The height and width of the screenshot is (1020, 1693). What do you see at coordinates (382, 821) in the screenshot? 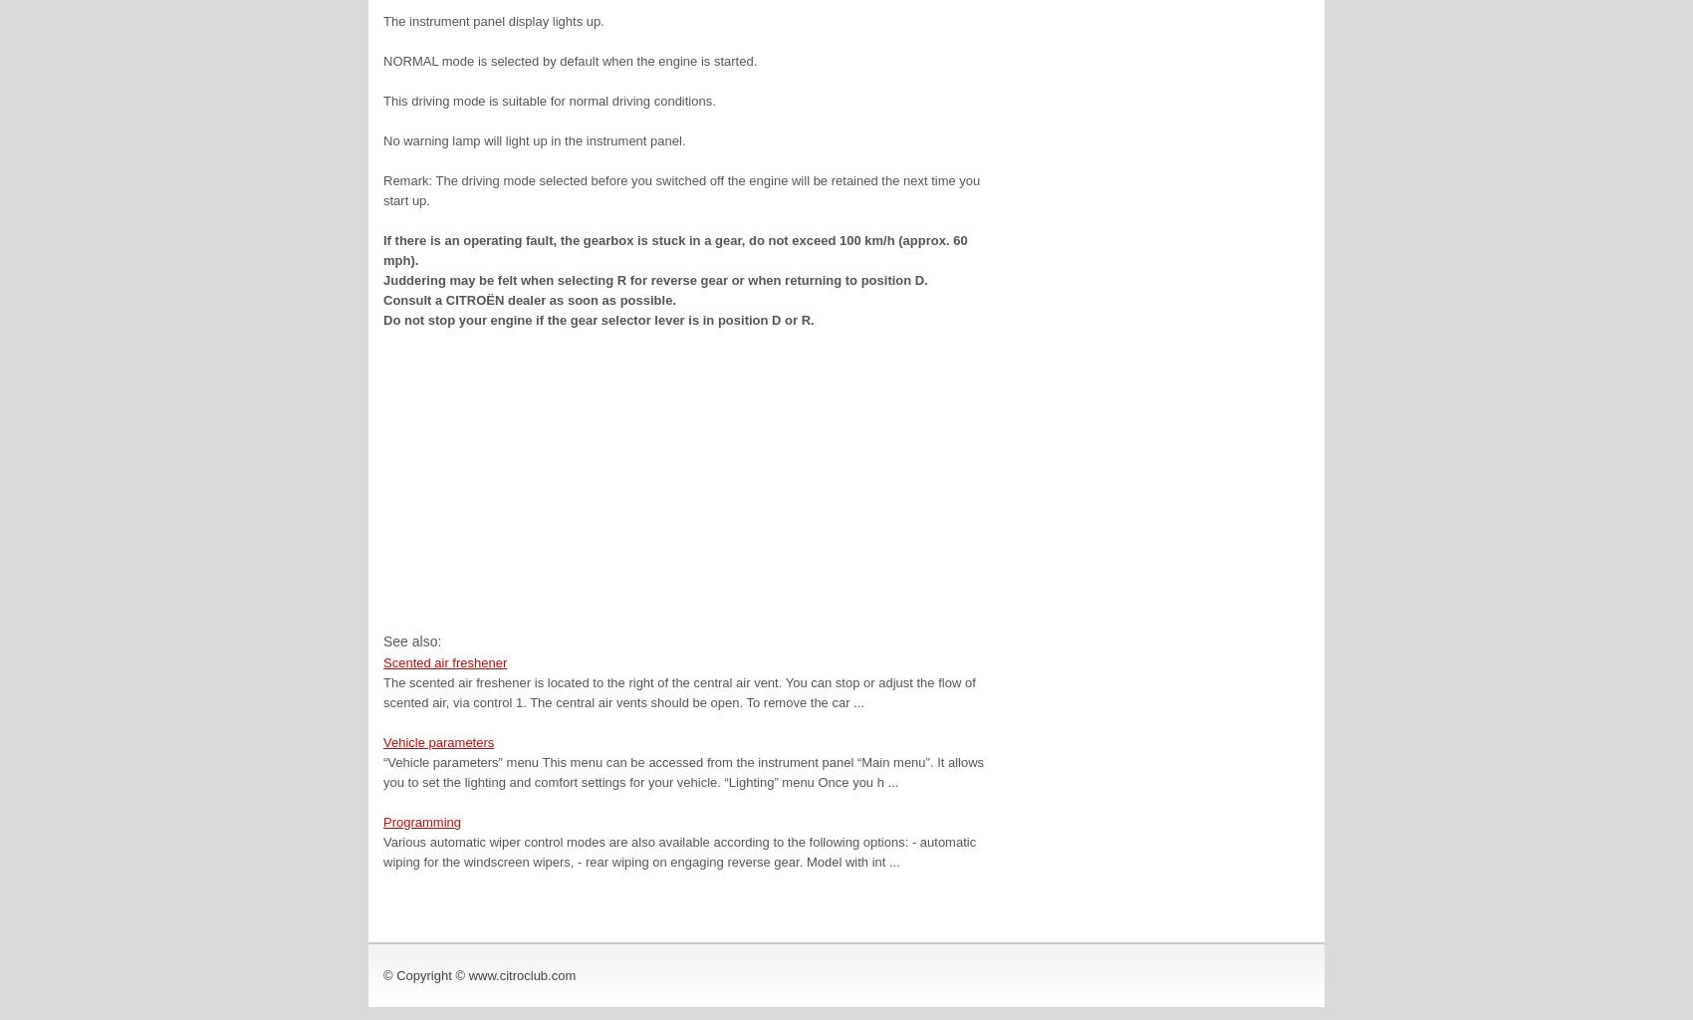
I see `'Programming'` at bounding box center [382, 821].